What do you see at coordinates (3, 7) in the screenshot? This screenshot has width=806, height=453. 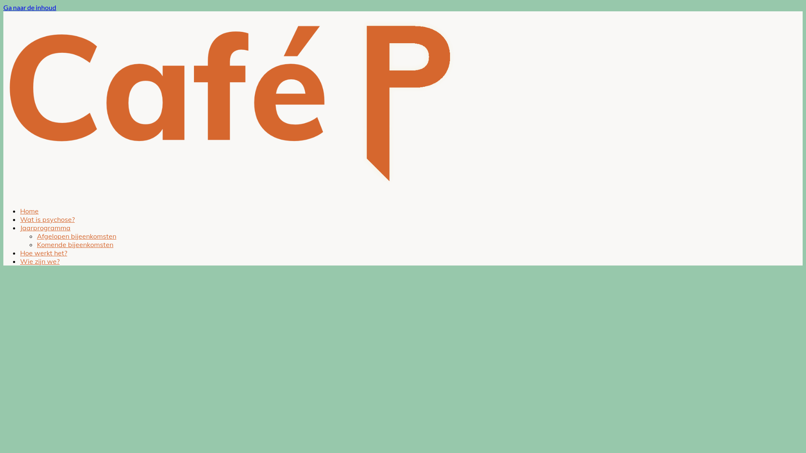 I see `'Ga naar de inhoud'` at bounding box center [3, 7].